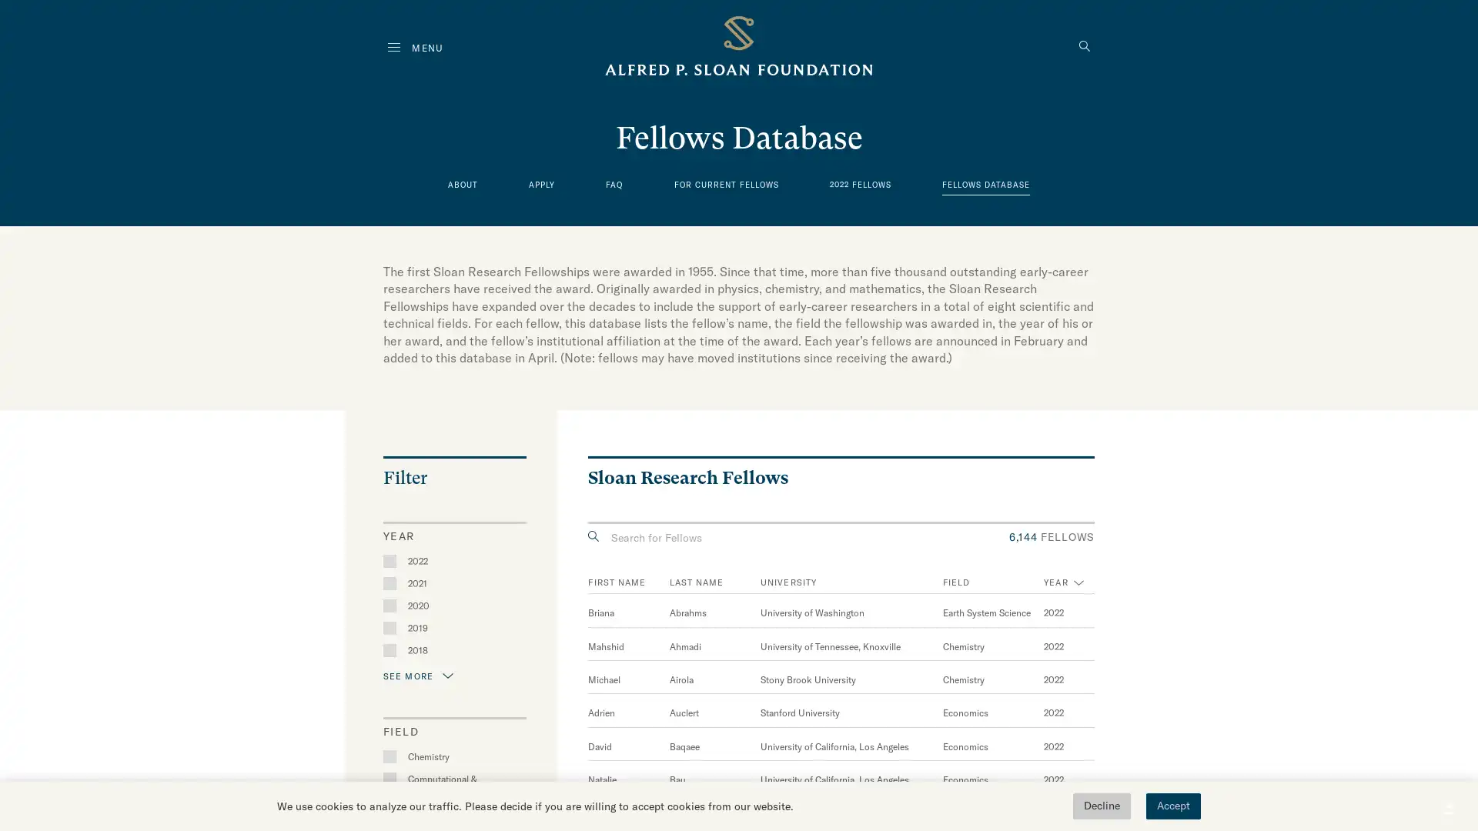 The width and height of the screenshot is (1478, 831). Describe the element at coordinates (1101, 806) in the screenshot. I see `Decline` at that location.